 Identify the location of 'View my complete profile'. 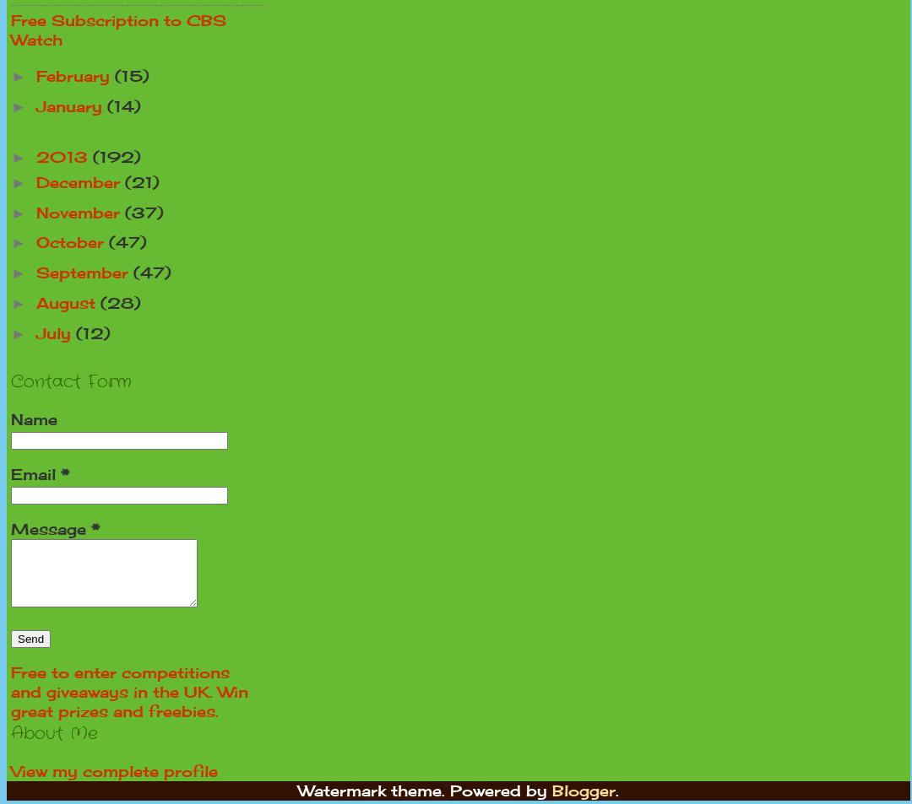
(114, 769).